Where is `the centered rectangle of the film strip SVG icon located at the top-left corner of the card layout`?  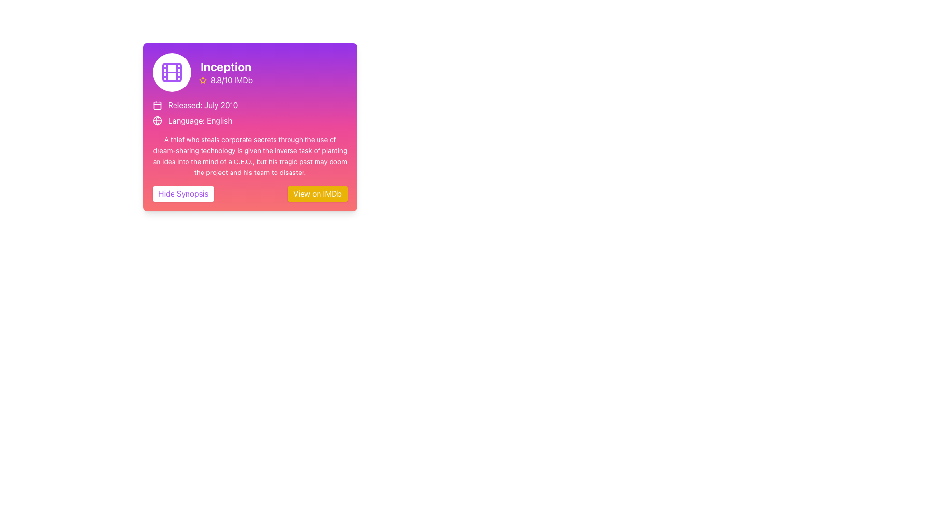 the centered rectangle of the film strip SVG icon located at the top-left corner of the card layout is located at coordinates (172, 72).